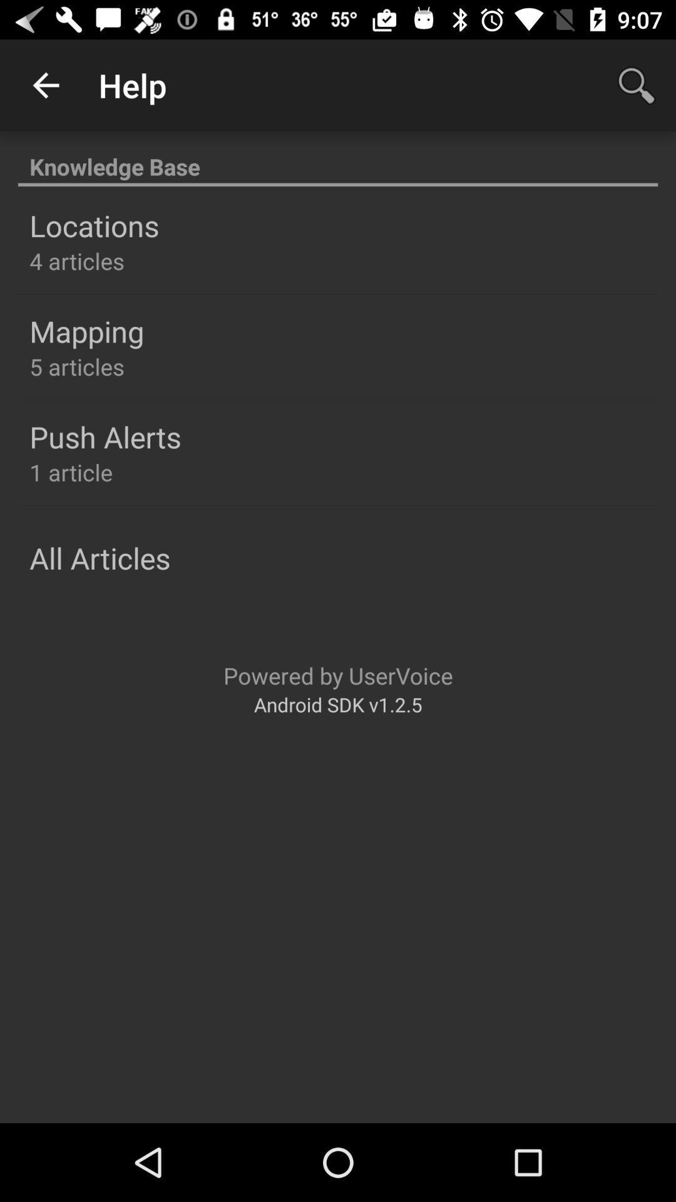  Describe the element at coordinates (105, 436) in the screenshot. I see `item above the 1 article item` at that location.